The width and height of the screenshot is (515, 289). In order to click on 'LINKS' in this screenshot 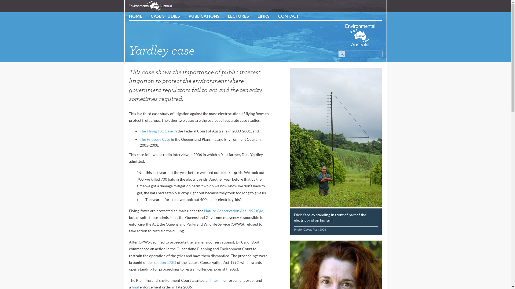, I will do `click(257, 16)`.